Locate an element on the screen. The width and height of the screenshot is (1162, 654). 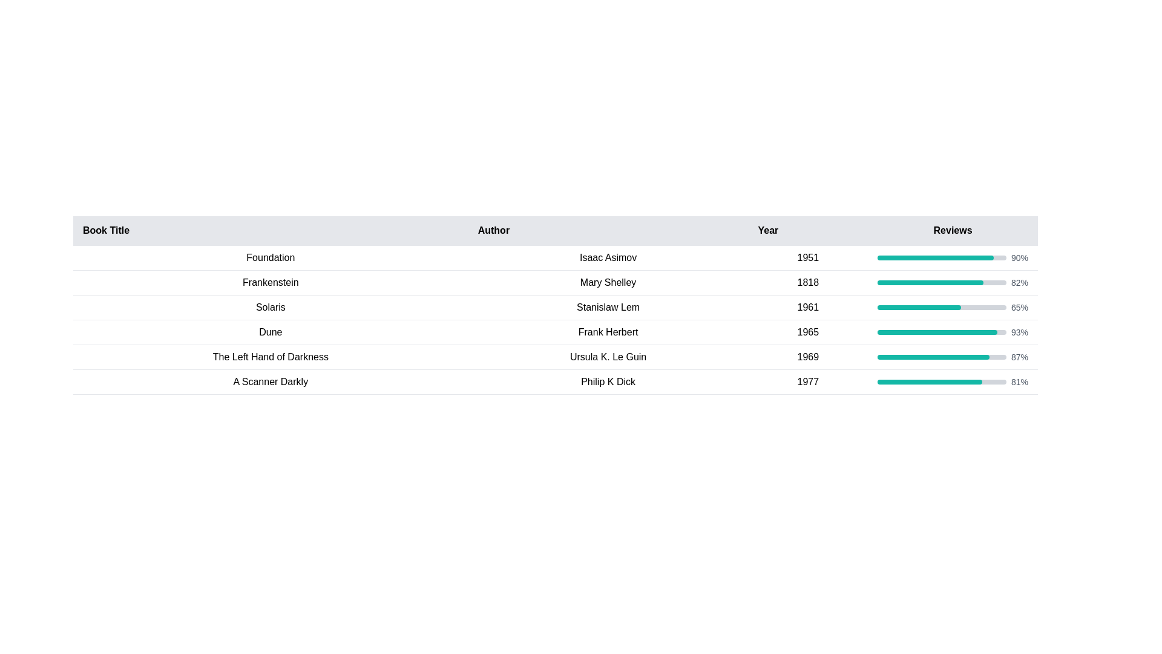
the text label displaying the year '1818' in bold font style, which is located in the 'Year' column of the row labeled 'Mary Shelley' in the table layout is located at coordinates (808, 282).